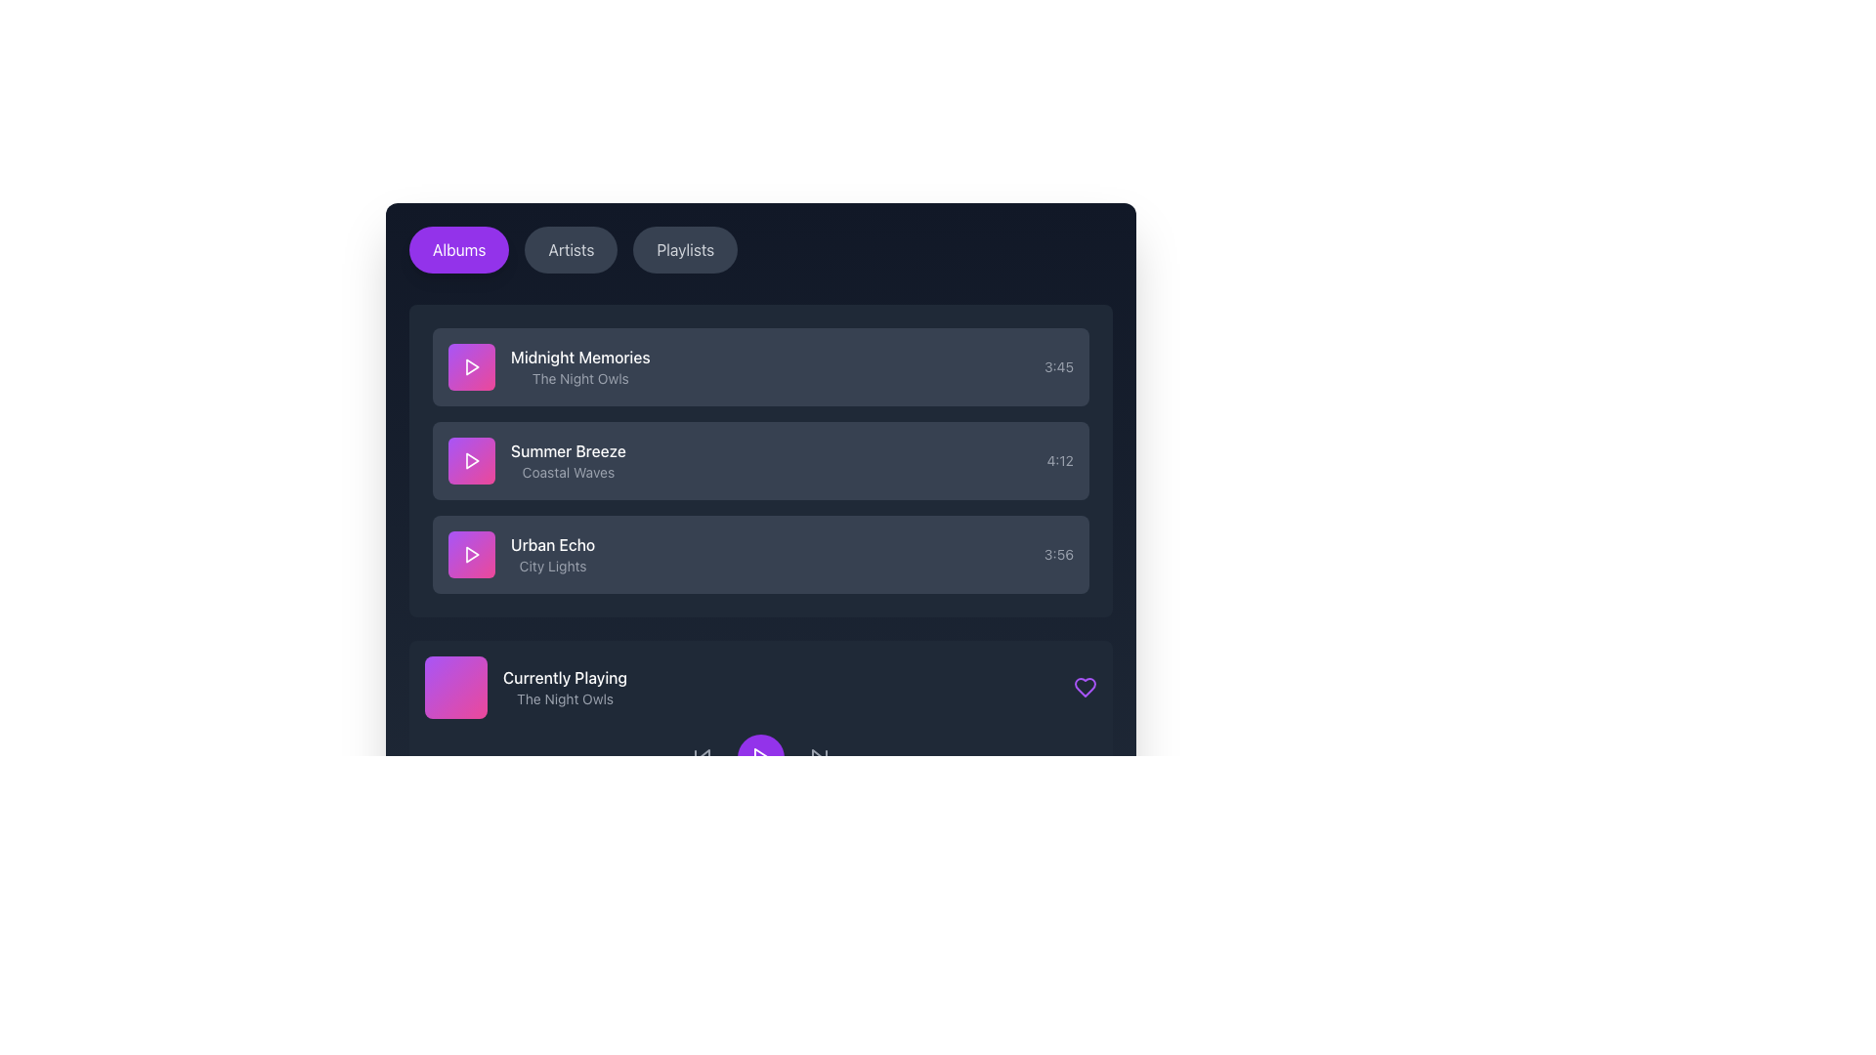 The image size is (1876, 1055). Describe the element at coordinates (759, 809) in the screenshot. I see `the progress indicator, which is a purple-filled progress bar located in the 'Currently Playing' section of the media player` at that location.